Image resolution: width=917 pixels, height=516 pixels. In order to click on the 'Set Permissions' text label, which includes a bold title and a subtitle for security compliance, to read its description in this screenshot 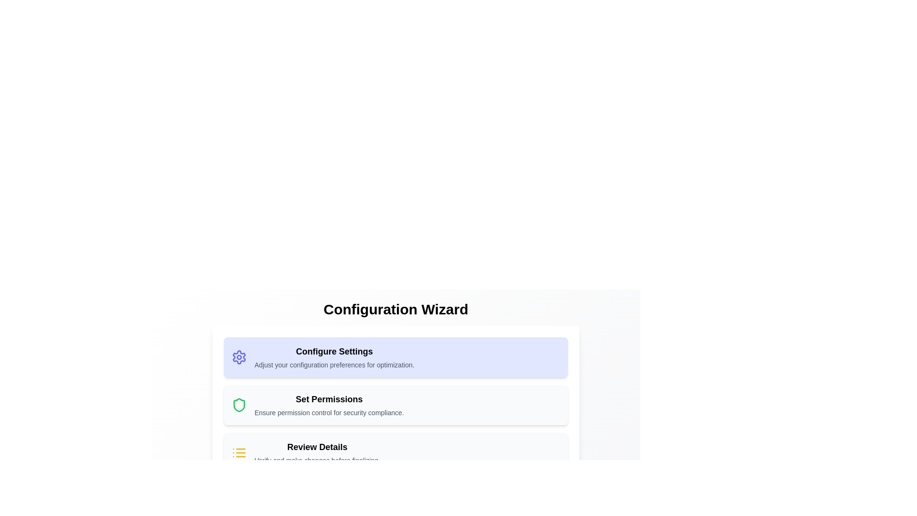, I will do `click(329, 405)`.